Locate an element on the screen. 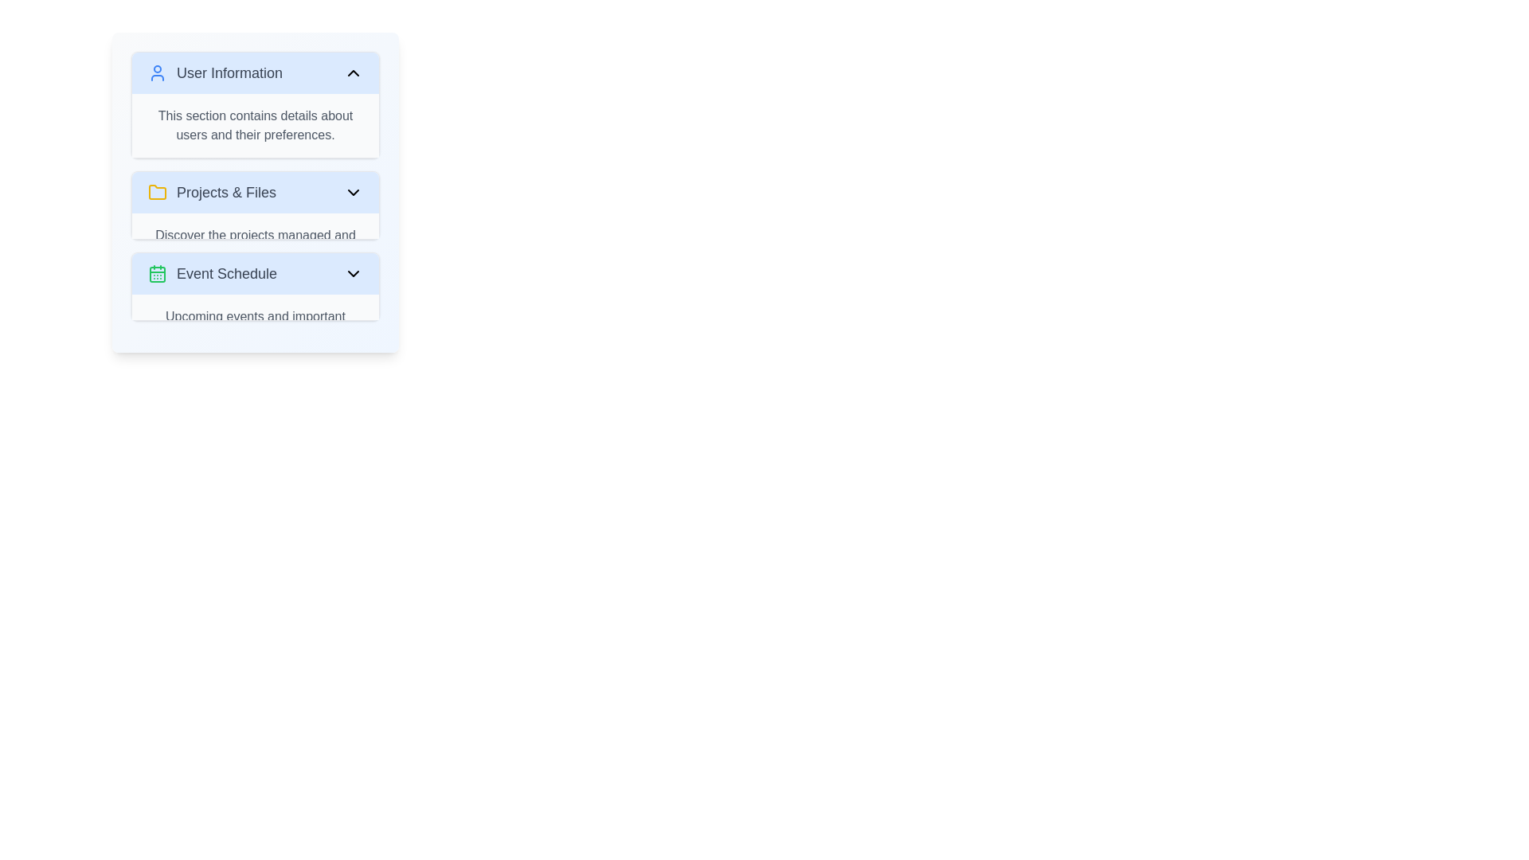 Image resolution: width=1529 pixels, height=860 pixels. static text content that describes user preferences, which is displayed in a light gray background below the heading 'User Information.' is located at coordinates (256, 125).